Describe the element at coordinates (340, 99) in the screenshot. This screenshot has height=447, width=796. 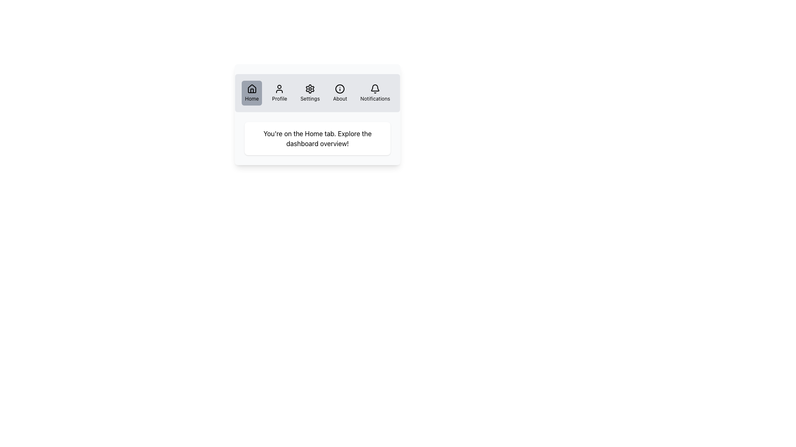
I see `text label 'About' located at the bottom of the info icon button, which is the fourth button in the top row of clickable buttons` at that location.